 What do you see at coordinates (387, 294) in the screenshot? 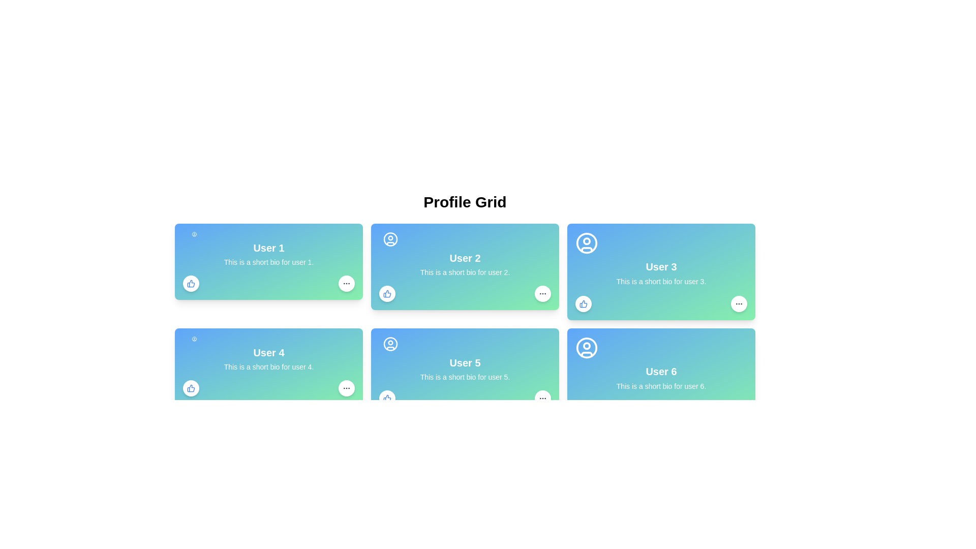
I see `the small circular button with a white background and blue outlining containing a 'thumbs up' icon in blue` at bounding box center [387, 294].